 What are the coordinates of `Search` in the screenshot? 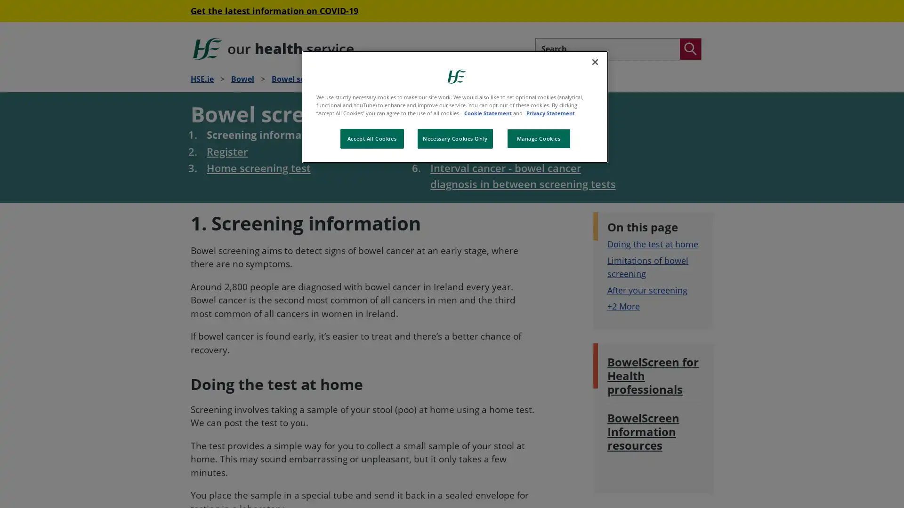 It's located at (690, 48).